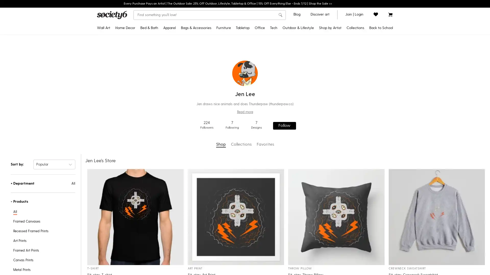 The height and width of the screenshot is (275, 490). Describe the element at coordinates (355, 28) in the screenshot. I see `Collections` at that location.